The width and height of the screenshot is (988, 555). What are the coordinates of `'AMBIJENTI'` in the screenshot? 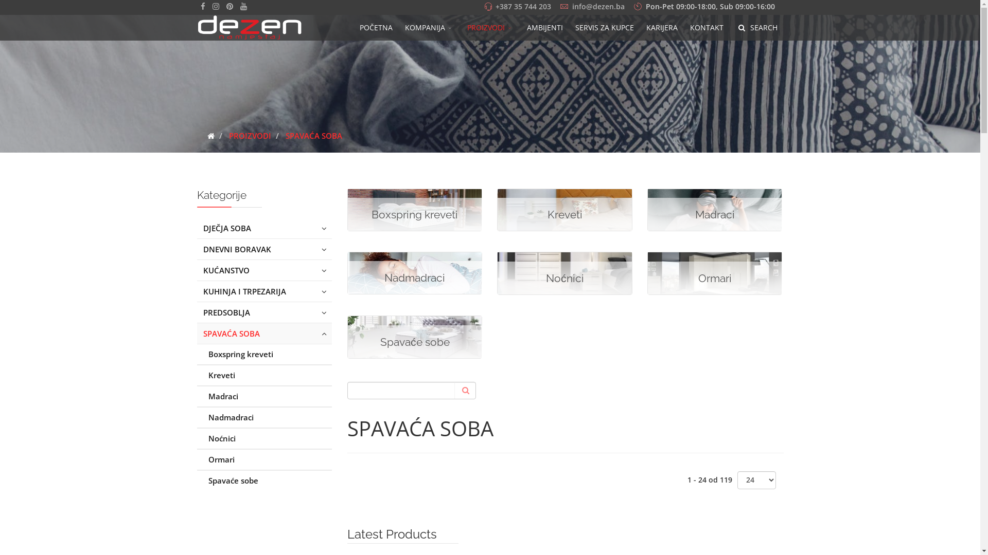 It's located at (544, 27).